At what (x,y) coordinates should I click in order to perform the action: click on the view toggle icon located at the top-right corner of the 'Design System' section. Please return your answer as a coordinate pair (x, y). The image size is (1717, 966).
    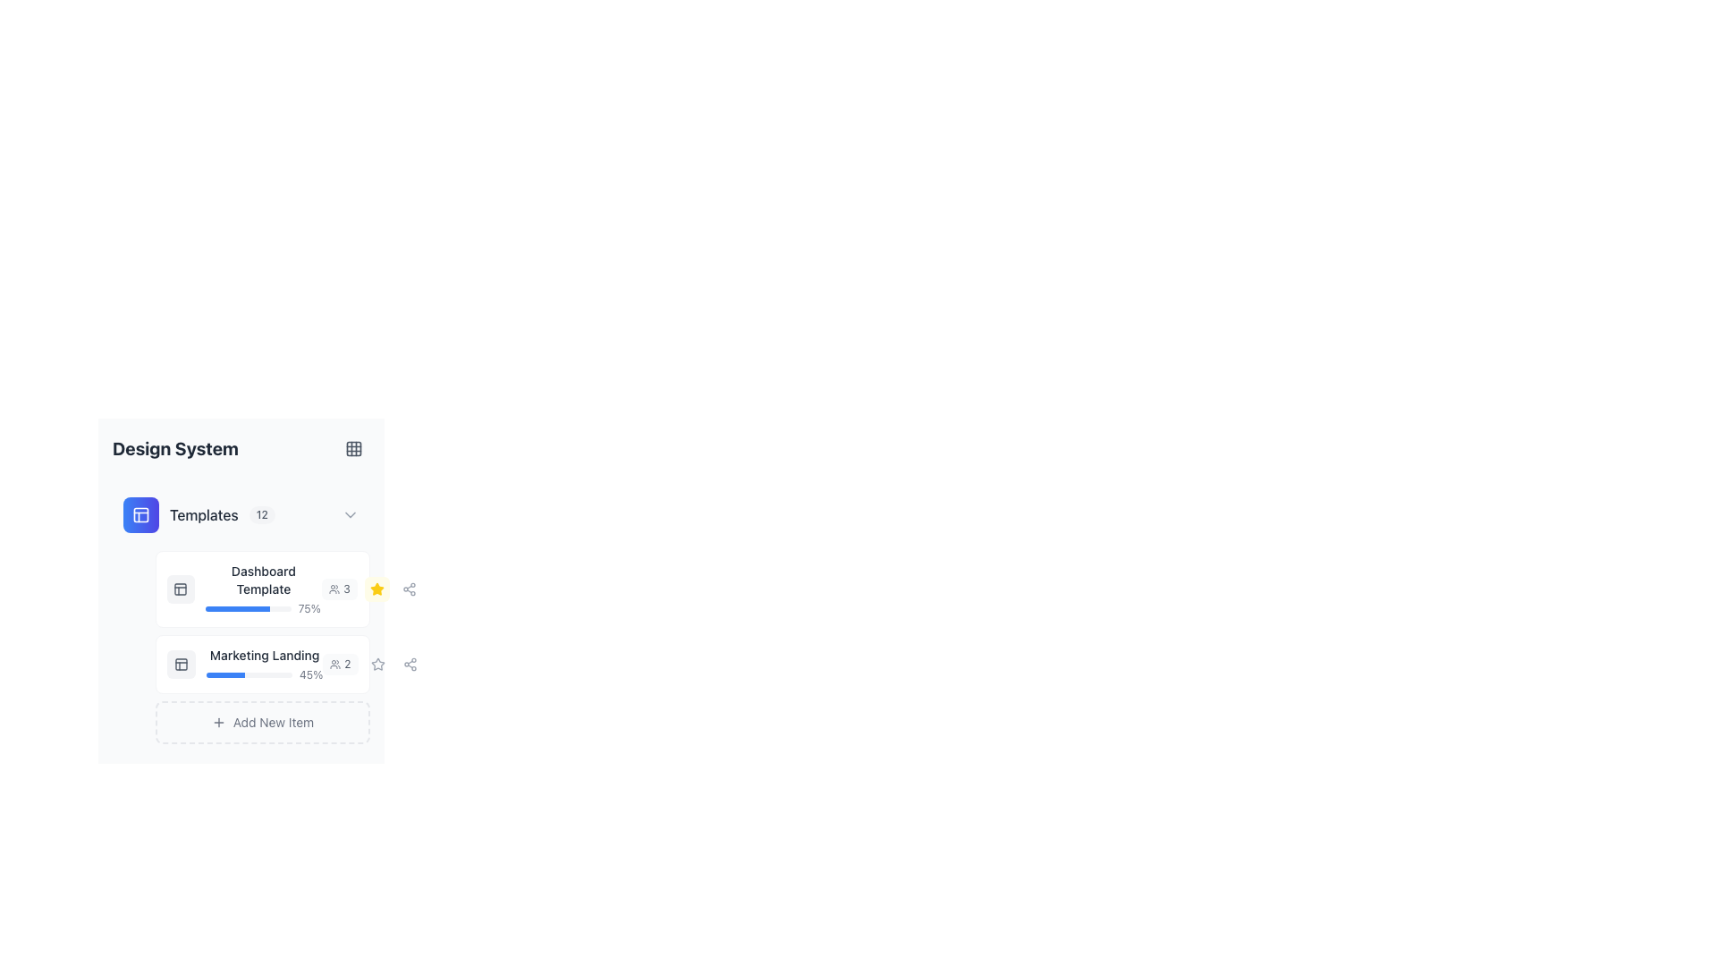
    Looking at the image, I should click on (353, 447).